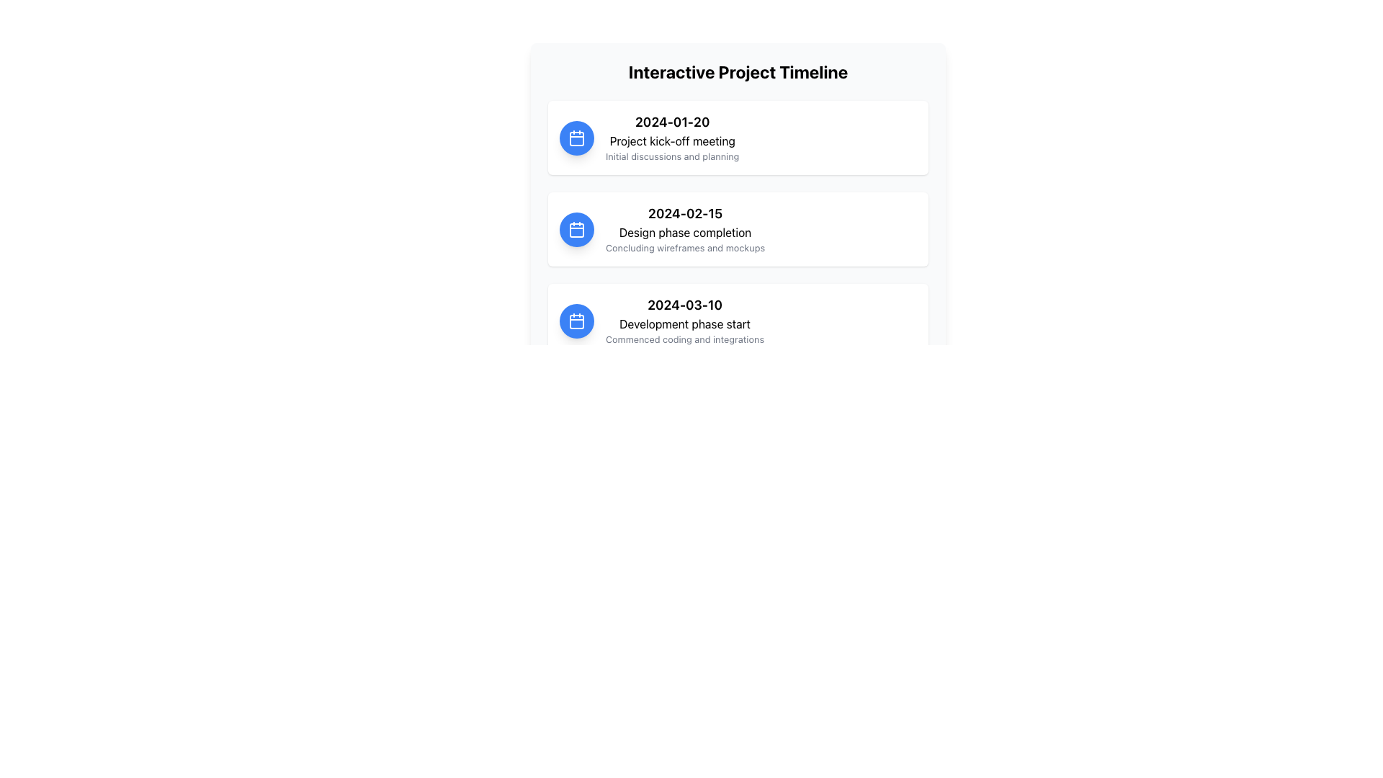  I want to click on the text label that reads 'Concluding wireframes and mockups', which is styled in a smaller, lighter, gray font and is positioned below 'Design phase completion', so click(684, 247).